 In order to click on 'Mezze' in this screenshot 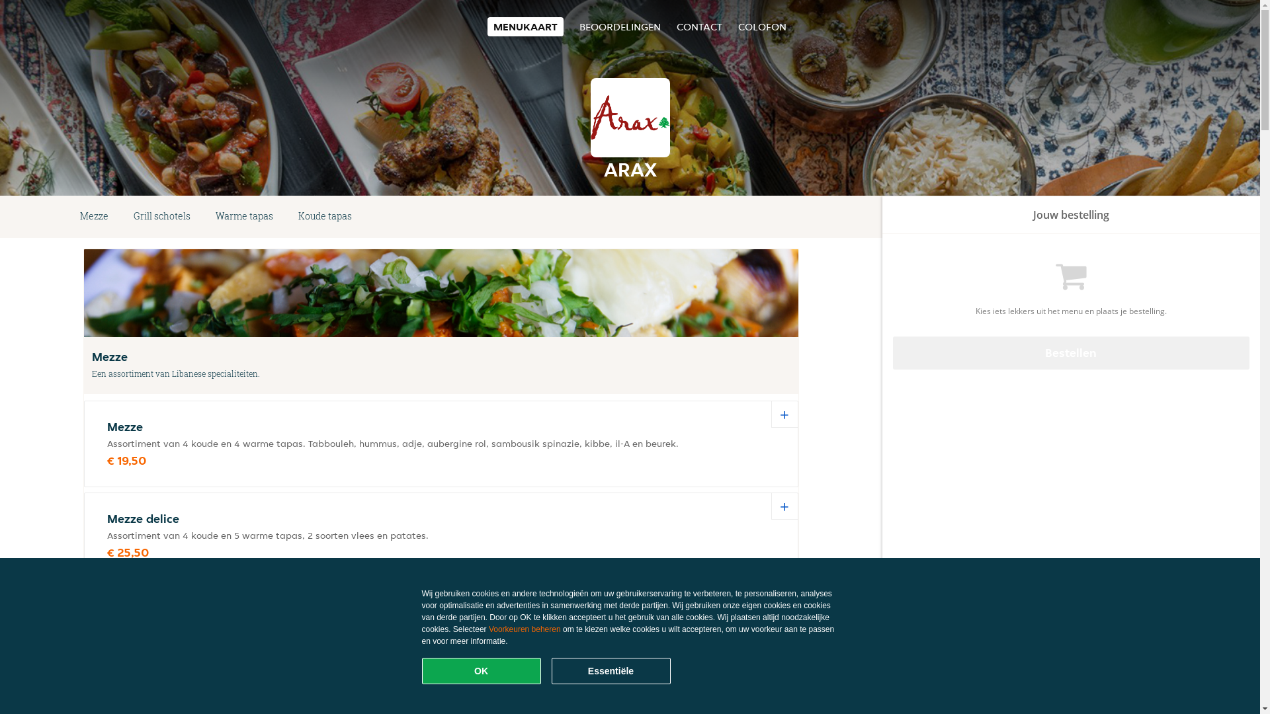, I will do `click(93, 216)`.